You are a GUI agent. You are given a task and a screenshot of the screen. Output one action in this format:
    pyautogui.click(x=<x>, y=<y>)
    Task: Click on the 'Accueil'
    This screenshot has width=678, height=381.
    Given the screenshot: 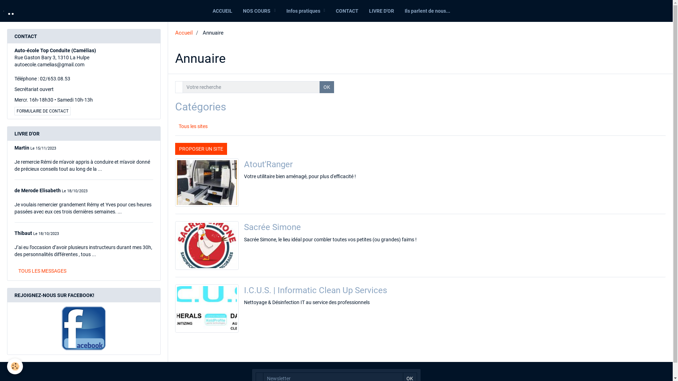 What is the action you would take?
    pyautogui.click(x=184, y=32)
    